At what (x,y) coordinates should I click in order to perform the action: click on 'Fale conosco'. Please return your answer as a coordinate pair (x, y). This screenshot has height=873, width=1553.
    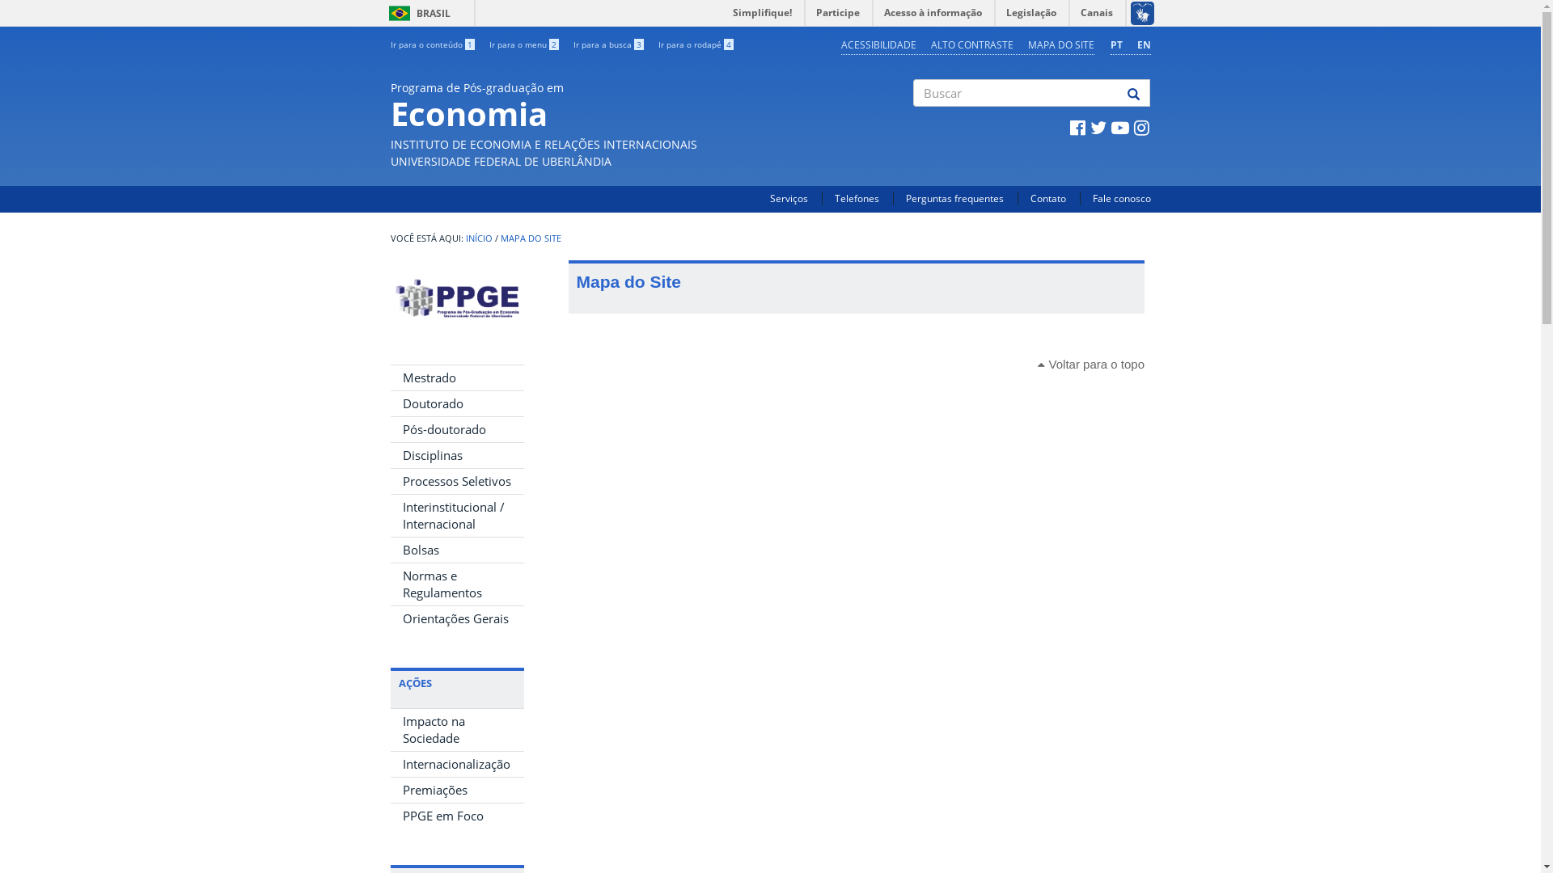
    Looking at the image, I should click on (1120, 197).